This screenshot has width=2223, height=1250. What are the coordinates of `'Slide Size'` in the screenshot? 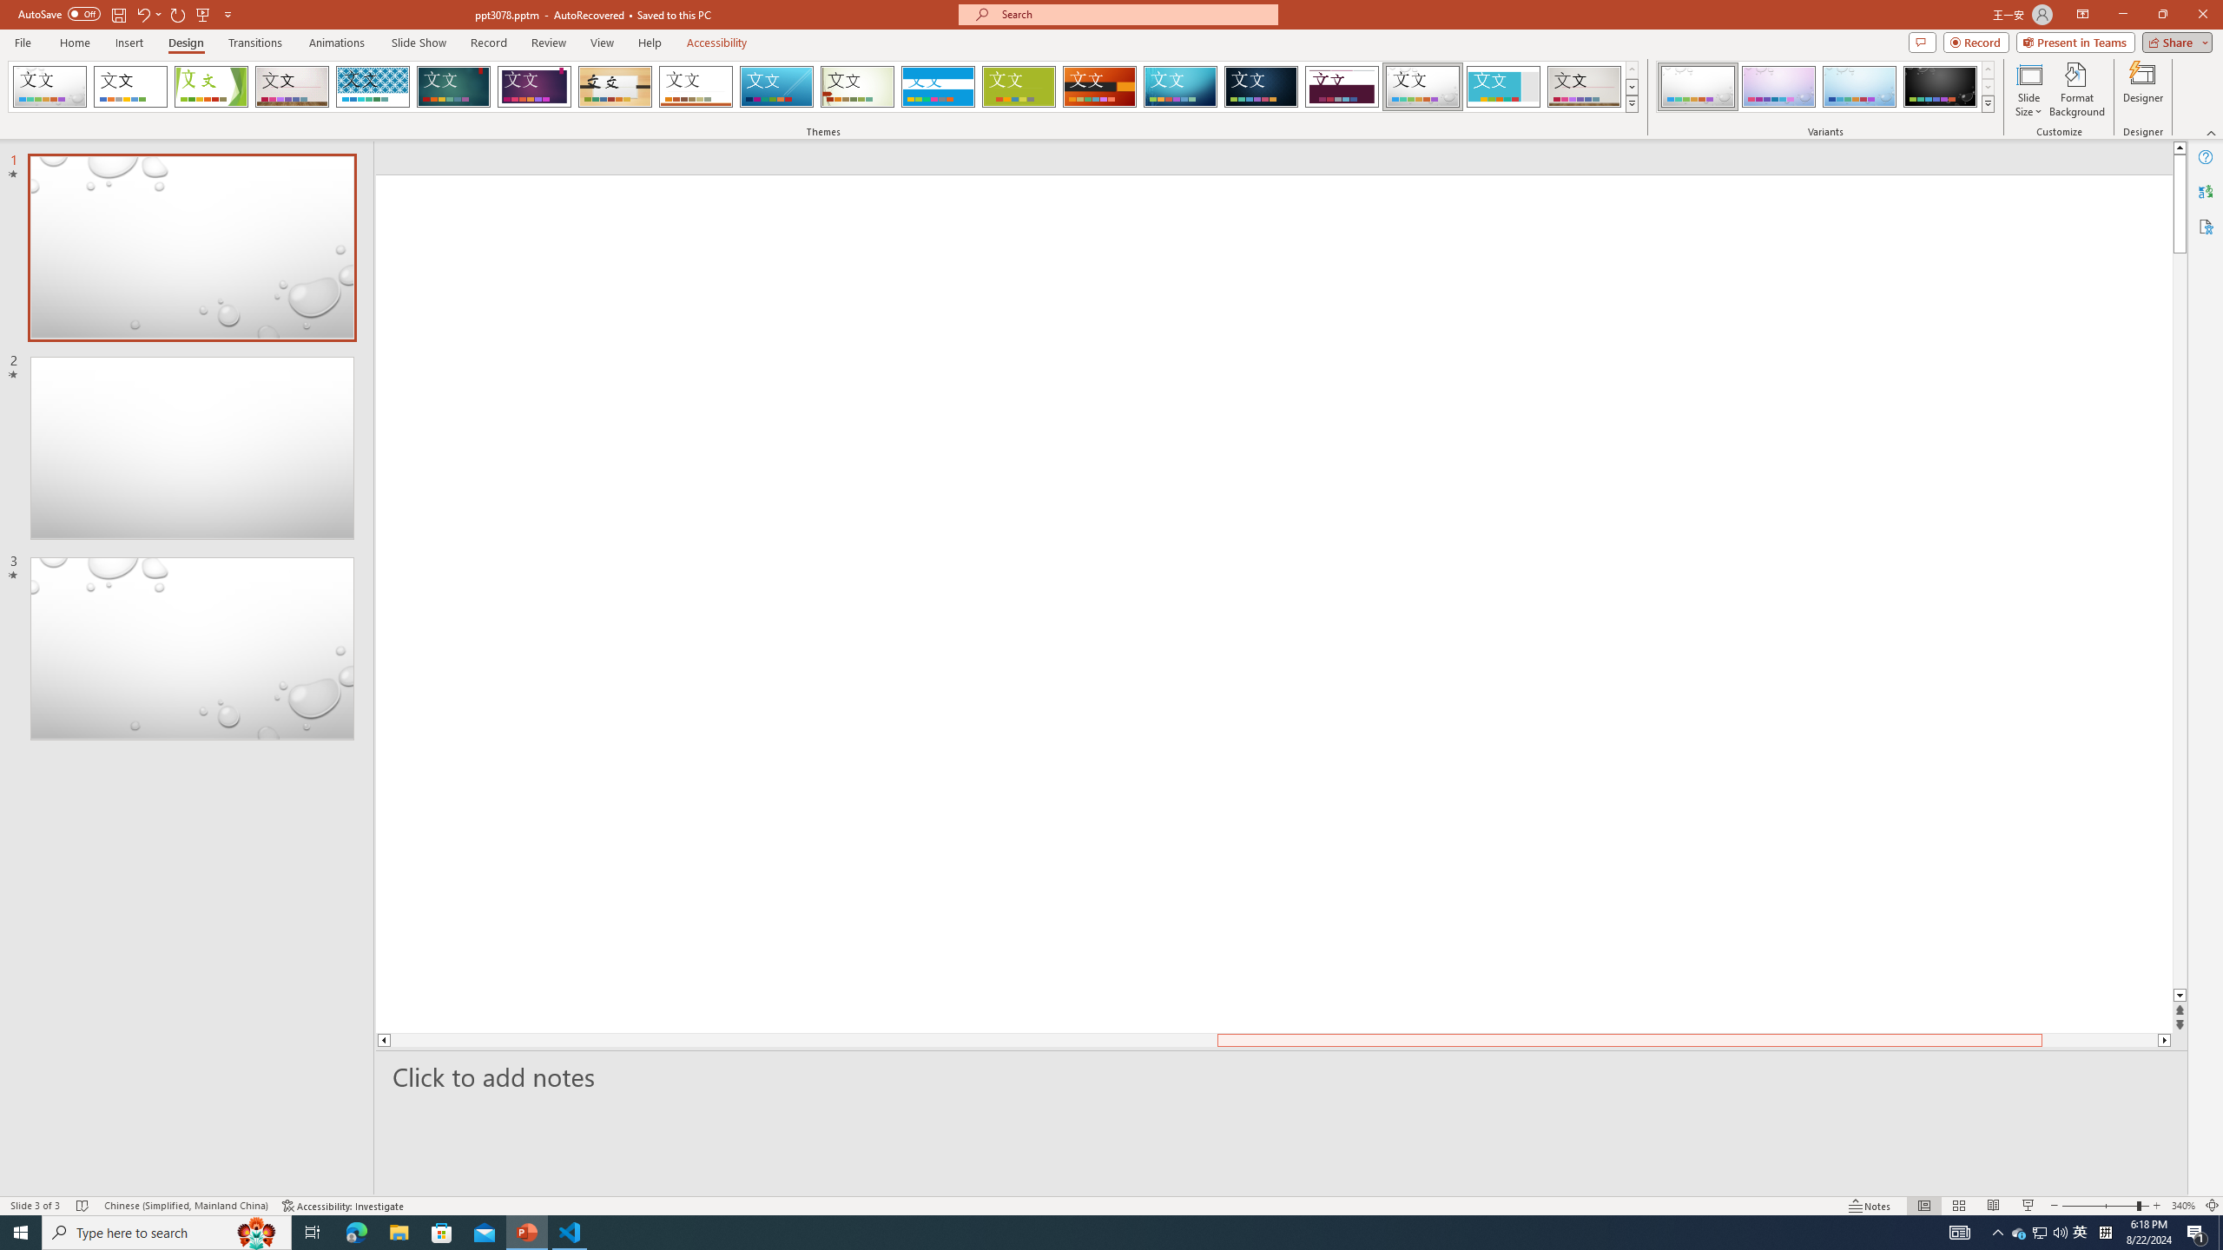 It's located at (2028, 89).